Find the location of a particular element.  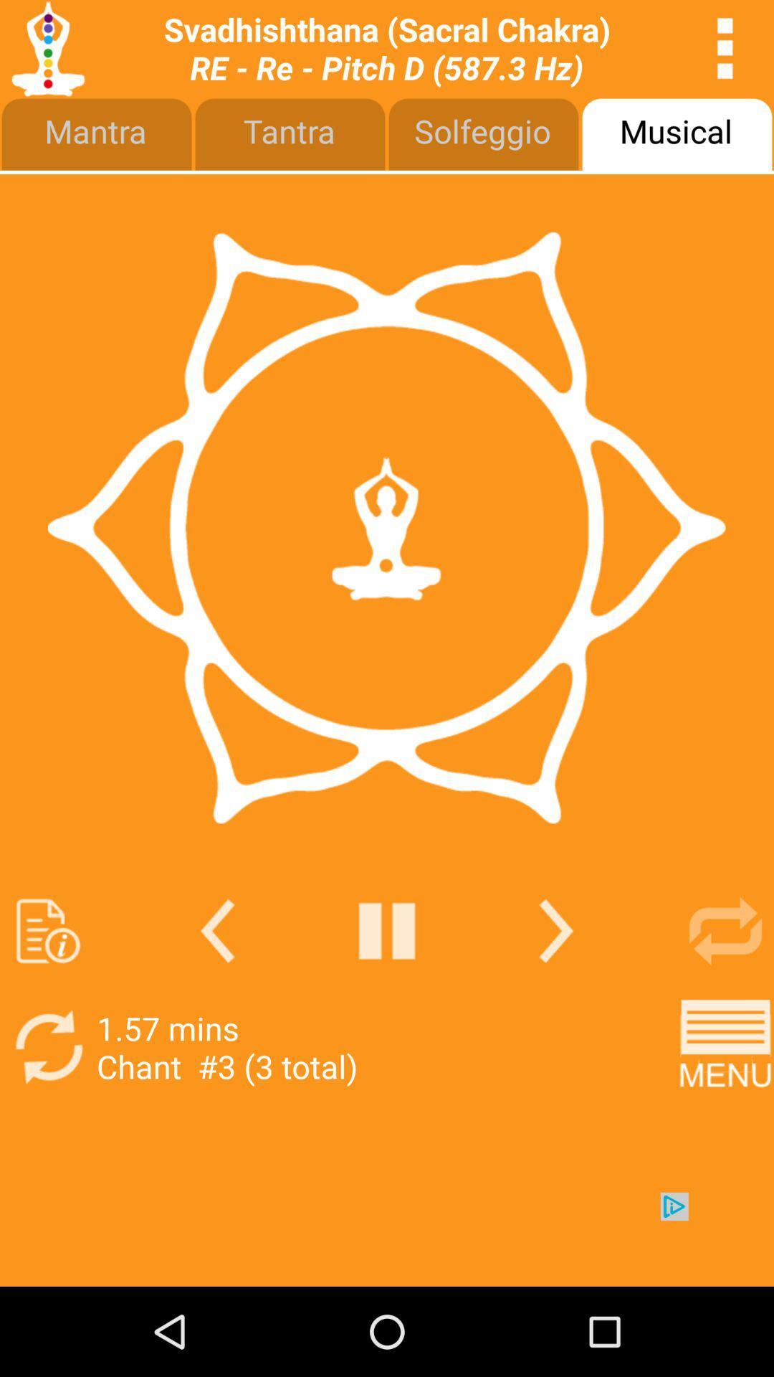

the arrow_forward icon is located at coordinates (555, 995).